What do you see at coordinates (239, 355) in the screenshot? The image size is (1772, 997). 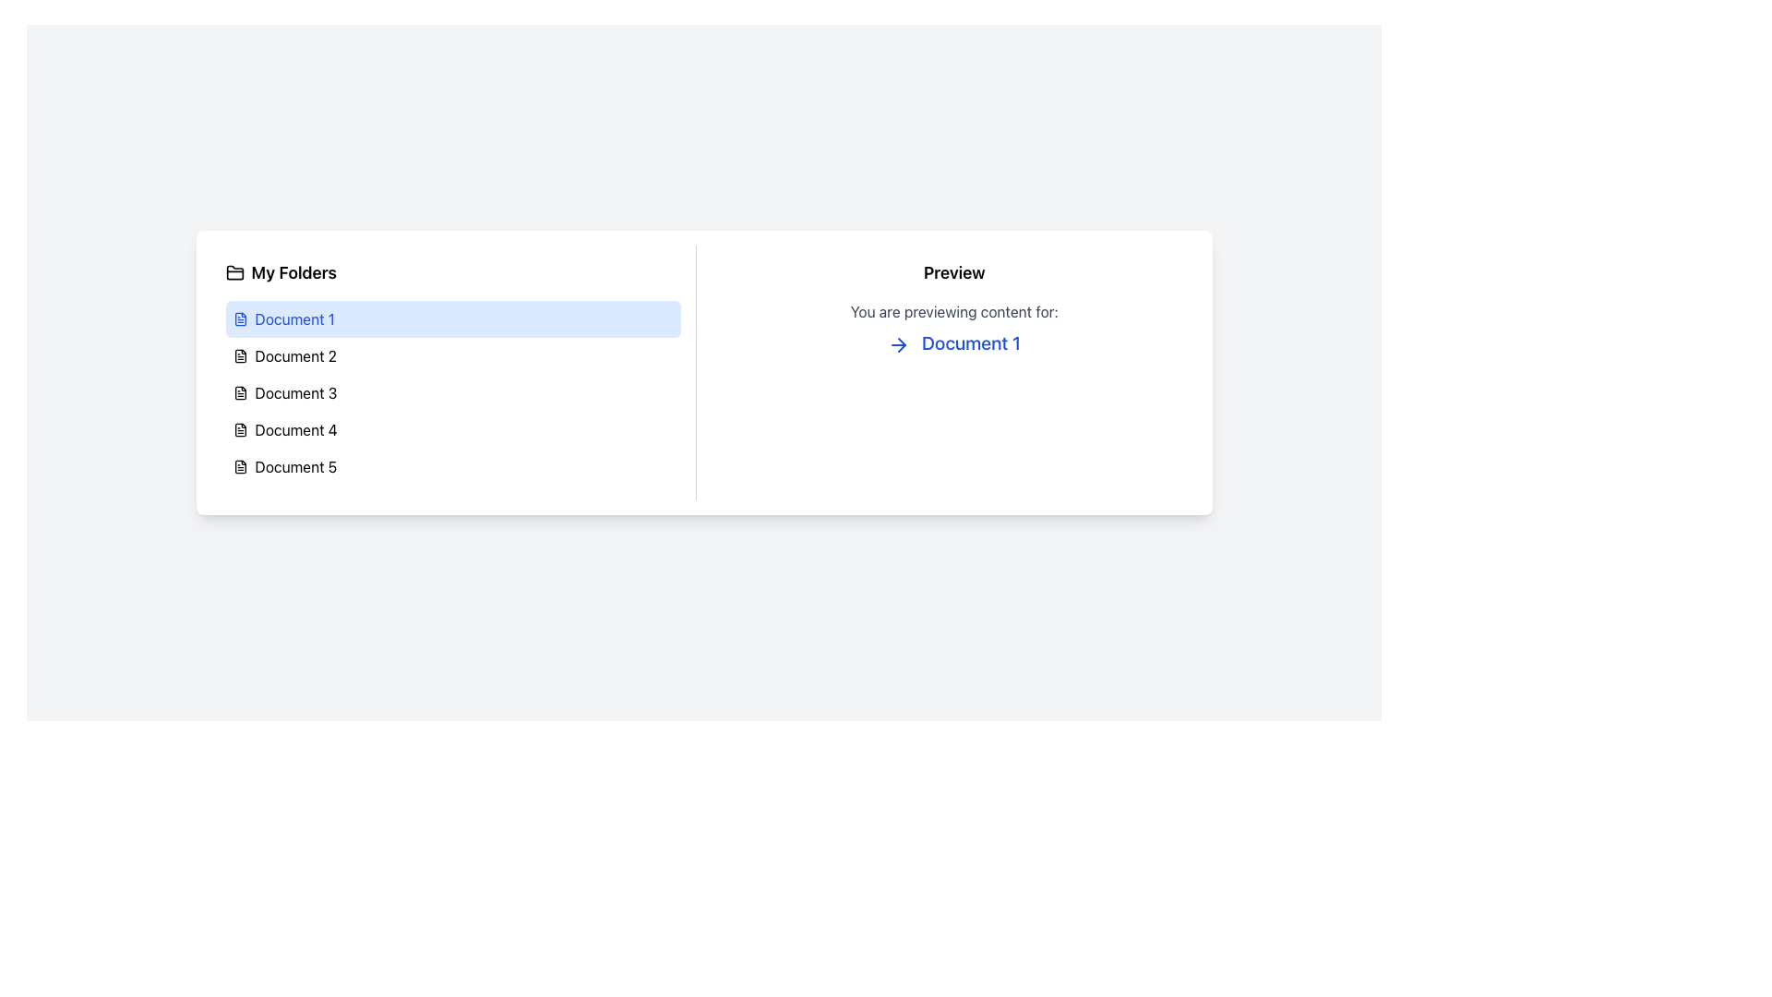 I see `the small file icon representing 'Document 2', which is located in the left panel of the list interface, immediately to the left of its label` at bounding box center [239, 355].